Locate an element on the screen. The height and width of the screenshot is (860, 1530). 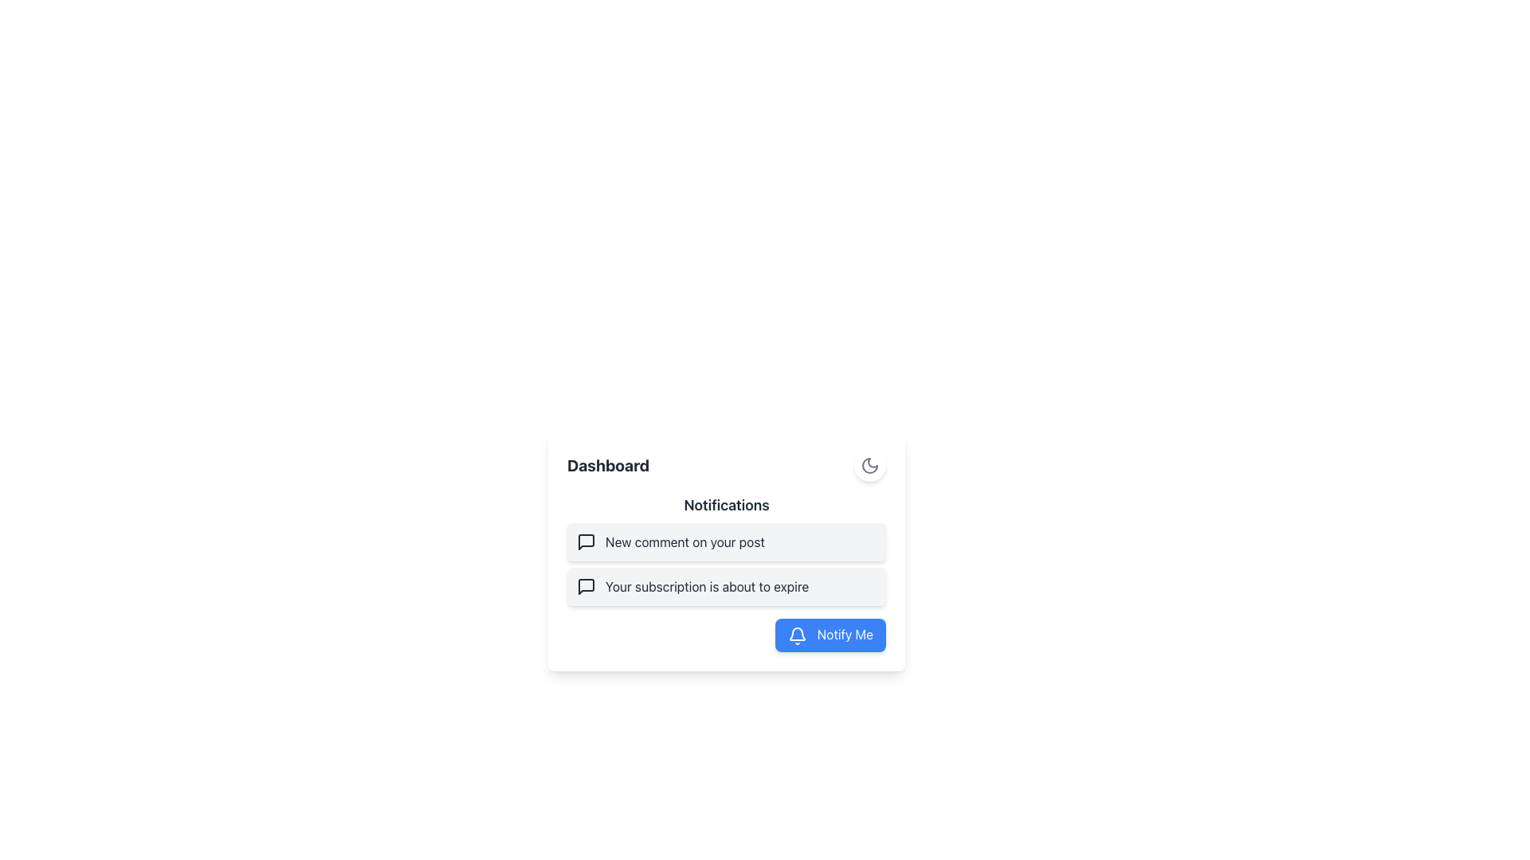
the second notification in the stacked list, which informs the user about their subscription status, located under the 'Notifications' heading is located at coordinates (726, 586).